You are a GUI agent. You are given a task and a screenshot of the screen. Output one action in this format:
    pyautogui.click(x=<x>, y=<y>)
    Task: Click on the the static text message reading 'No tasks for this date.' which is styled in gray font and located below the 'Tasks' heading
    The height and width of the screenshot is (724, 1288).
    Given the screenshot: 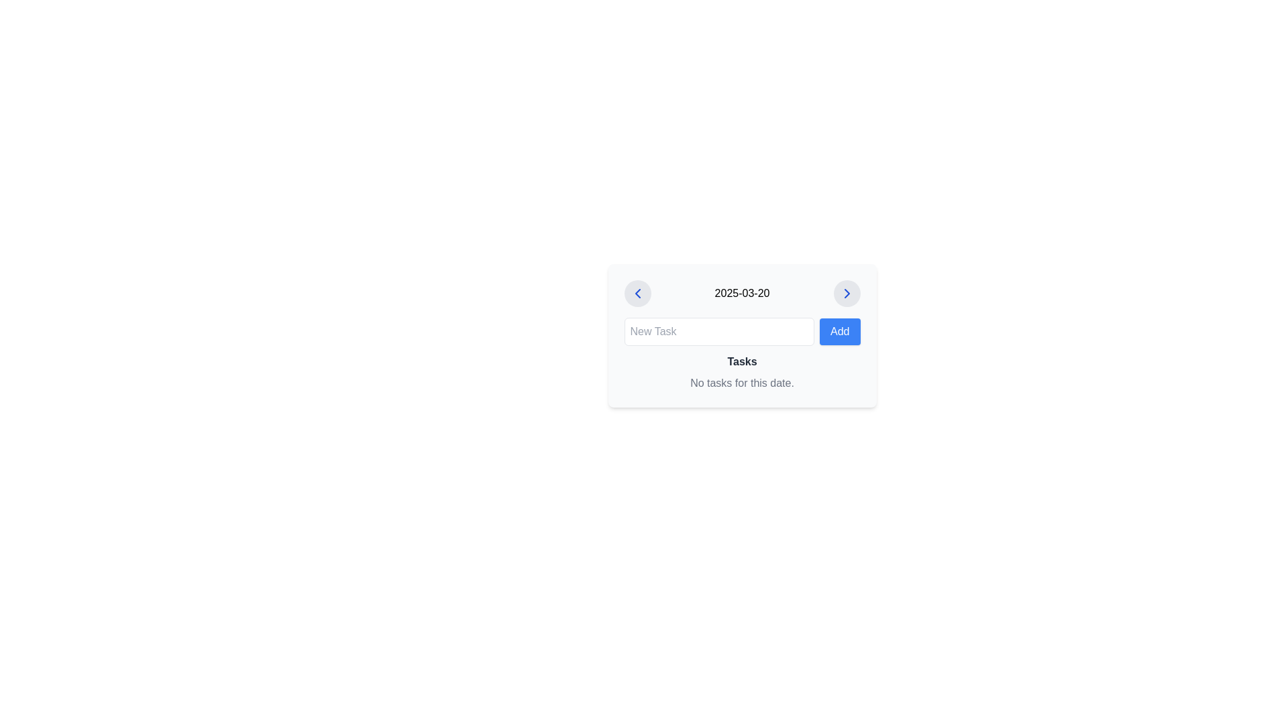 What is the action you would take?
    pyautogui.click(x=741, y=383)
    